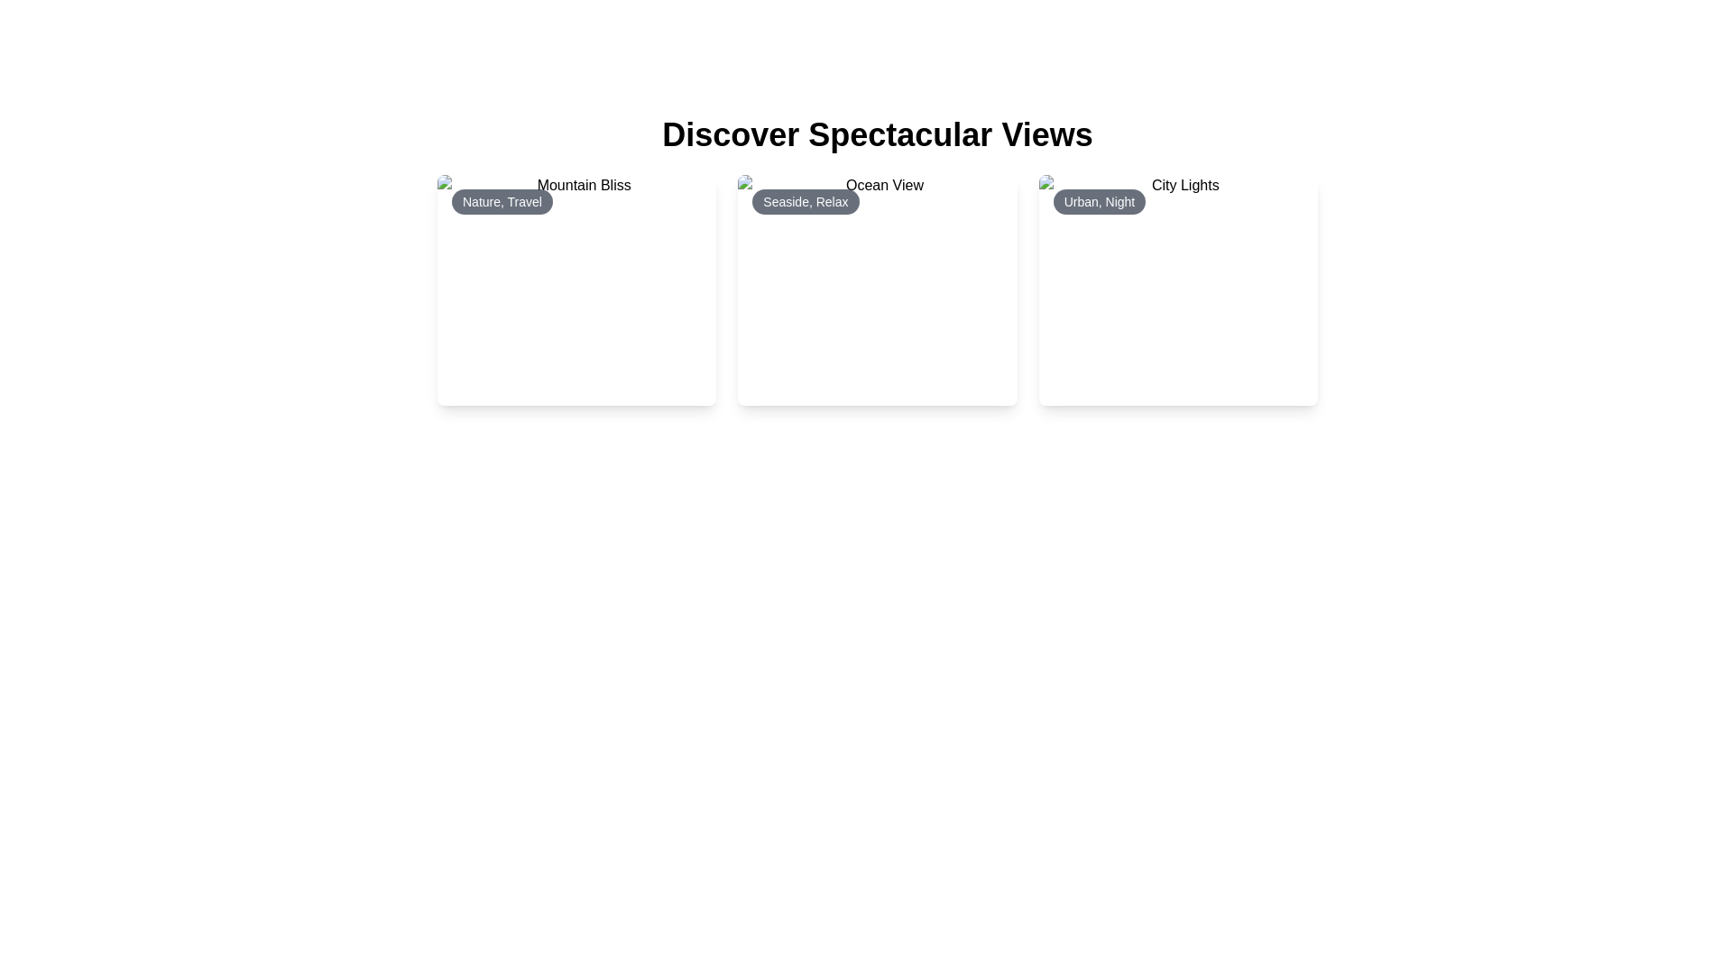 The width and height of the screenshot is (1732, 974). What do you see at coordinates (1178, 289) in the screenshot?
I see `the rightmost card in the grid layout that represents a category related to urban settings at night with city lights` at bounding box center [1178, 289].